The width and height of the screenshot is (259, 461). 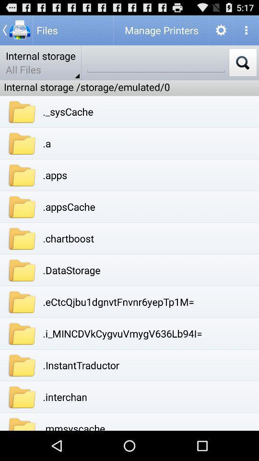 I want to click on searches internal storage, so click(x=242, y=62).